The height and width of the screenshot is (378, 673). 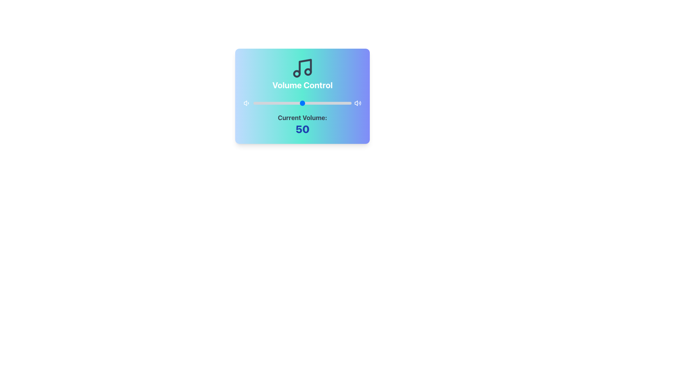 I want to click on the decorative music note icon located in the lower left area of the larger music note graphic within the 'Volume Control' component, so click(x=297, y=74).